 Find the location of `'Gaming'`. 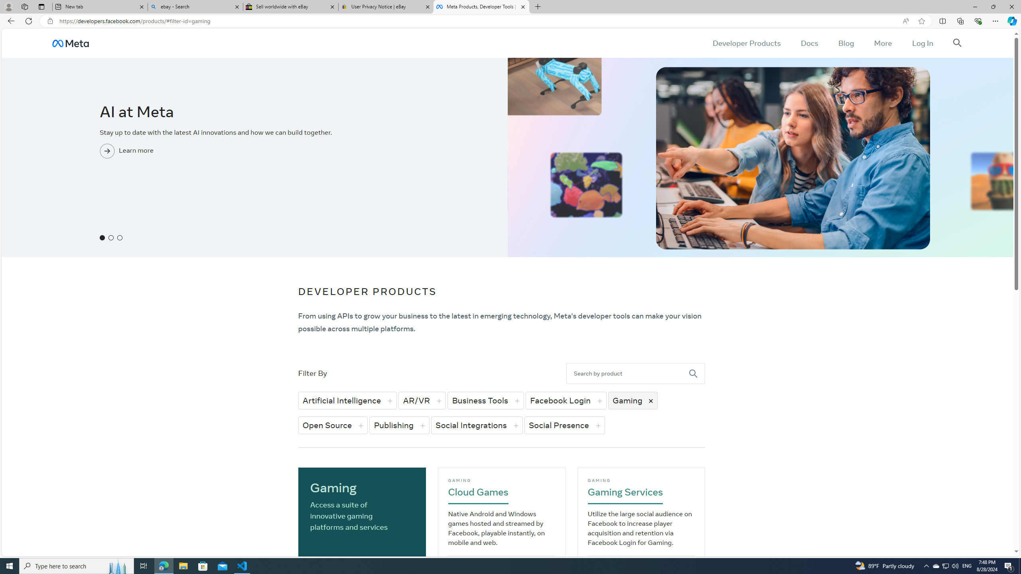

'Gaming' is located at coordinates (632, 400).